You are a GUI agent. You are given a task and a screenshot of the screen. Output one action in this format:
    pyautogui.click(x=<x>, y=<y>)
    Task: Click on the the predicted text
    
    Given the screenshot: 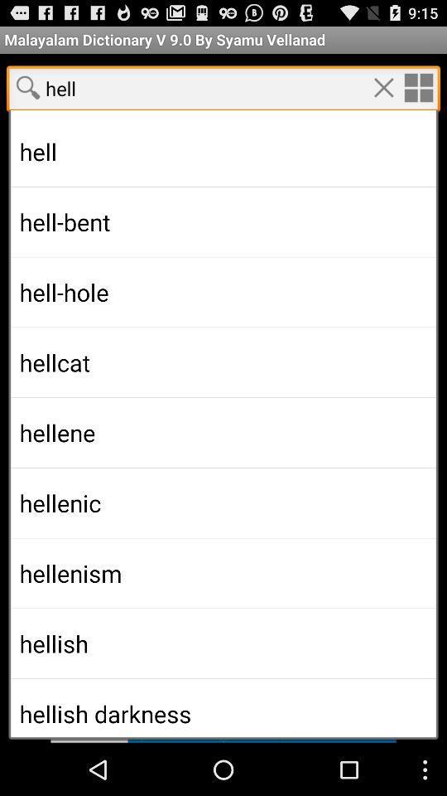 What is the action you would take?
    pyautogui.click(x=223, y=406)
    